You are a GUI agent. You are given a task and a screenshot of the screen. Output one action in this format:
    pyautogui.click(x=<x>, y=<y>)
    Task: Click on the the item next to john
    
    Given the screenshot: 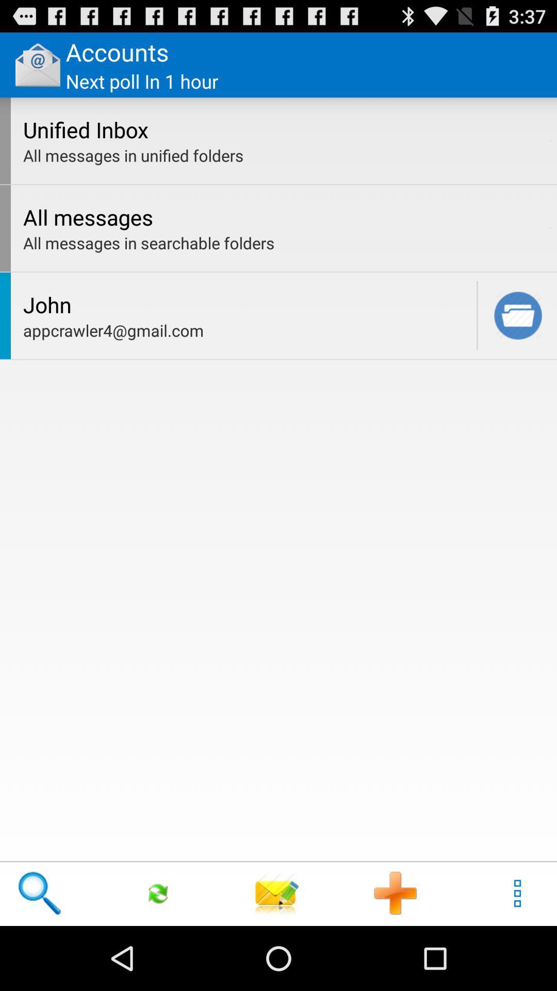 What is the action you would take?
    pyautogui.click(x=477, y=315)
    